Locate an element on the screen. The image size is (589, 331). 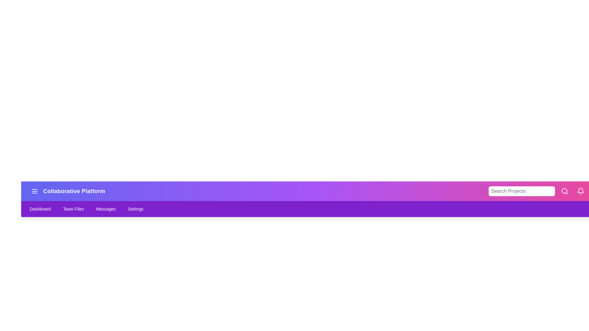
the 'Dashboard' button, which is a rectangular button with a purple background and white text, located first among the navigation buttons in the header is located at coordinates (40, 209).